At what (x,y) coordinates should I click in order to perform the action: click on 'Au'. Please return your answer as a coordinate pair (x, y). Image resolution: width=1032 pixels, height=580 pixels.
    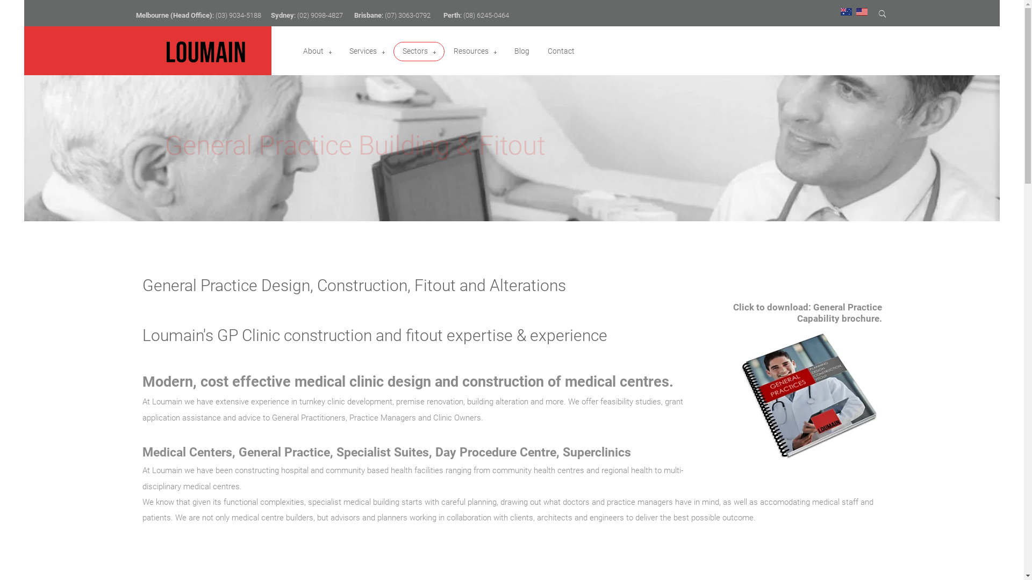
    Looking at the image, I should click on (845, 11).